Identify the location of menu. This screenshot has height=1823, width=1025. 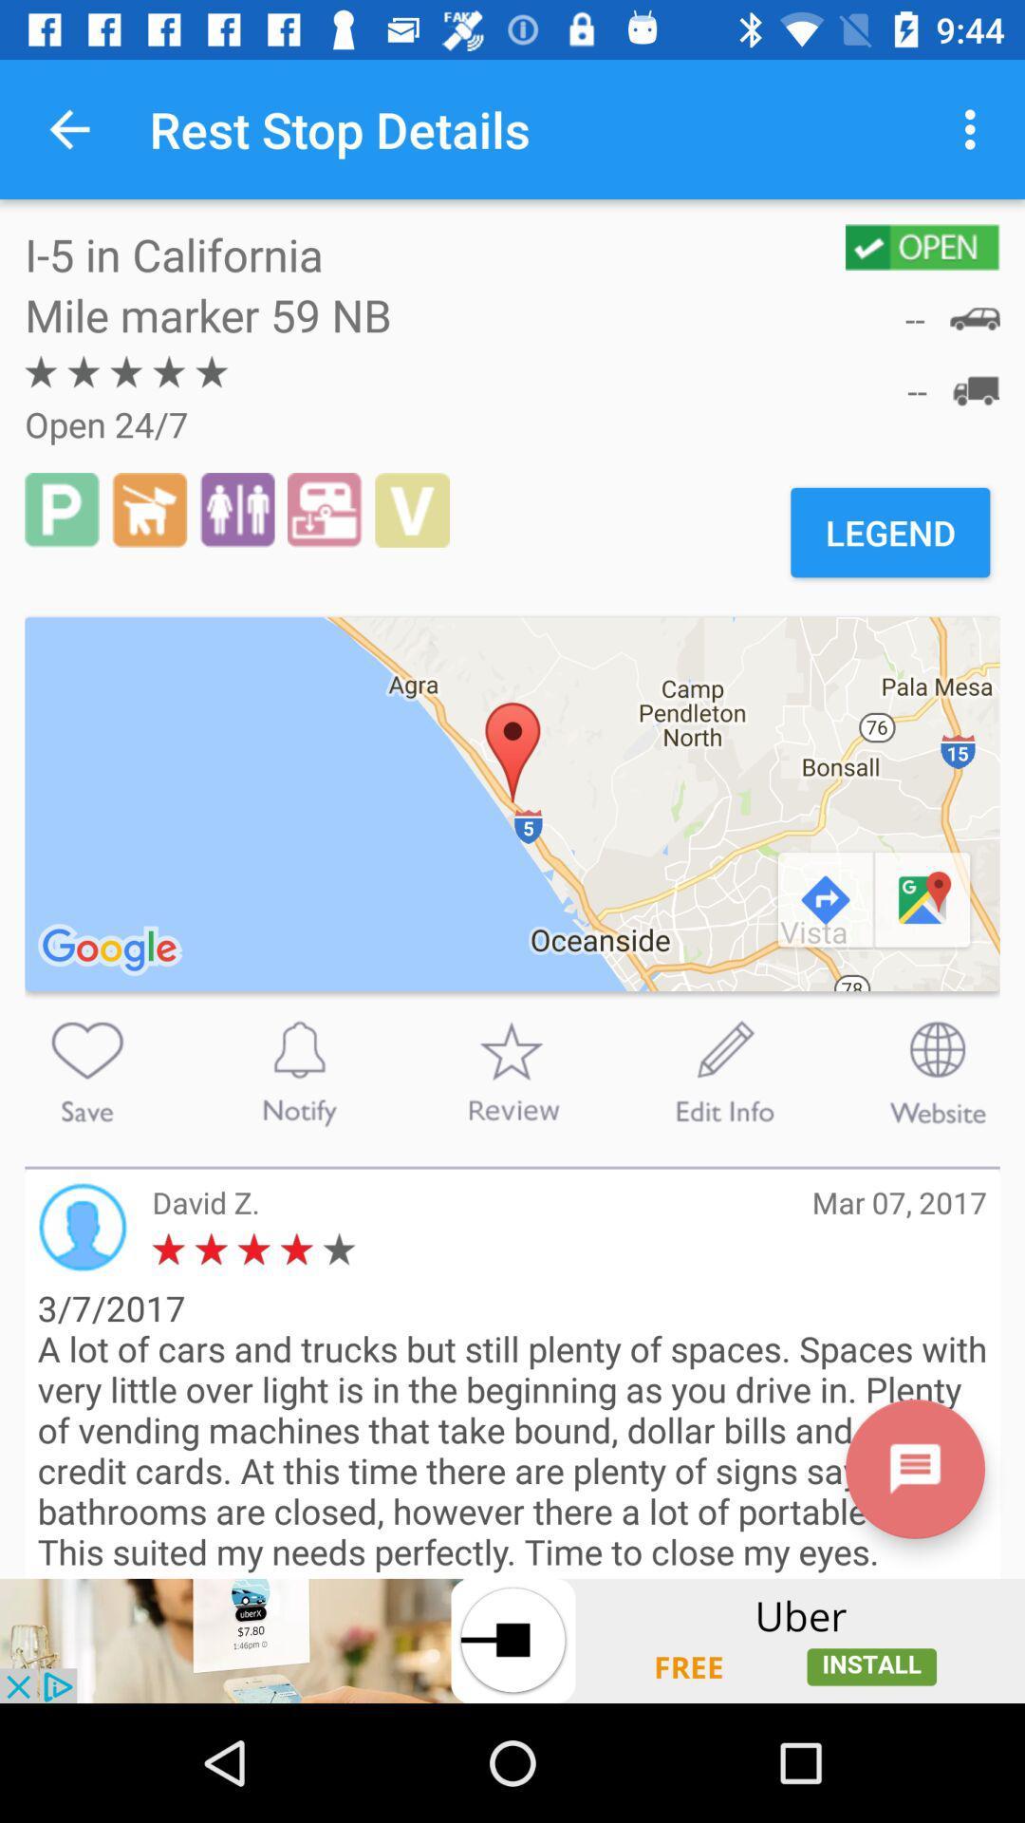
(914, 1468).